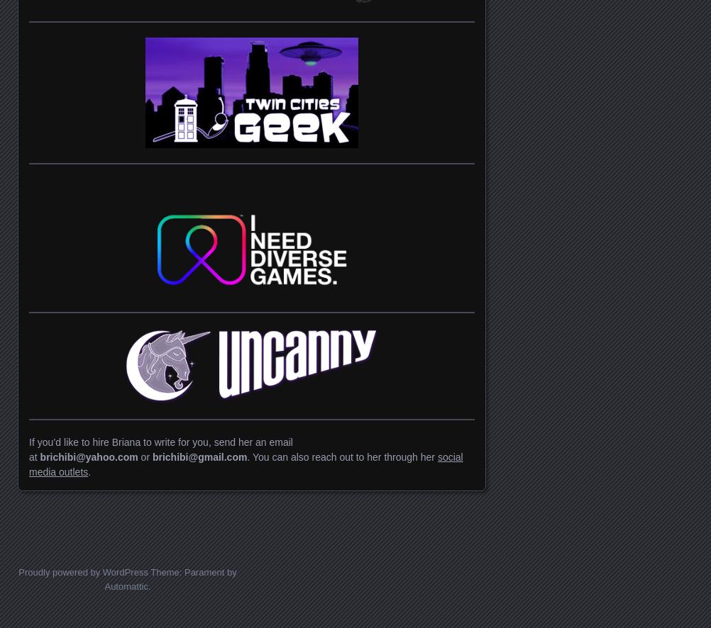  What do you see at coordinates (103, 585) in the screenshot?
I see `'Automattic'` at bounding box center [103, 585].